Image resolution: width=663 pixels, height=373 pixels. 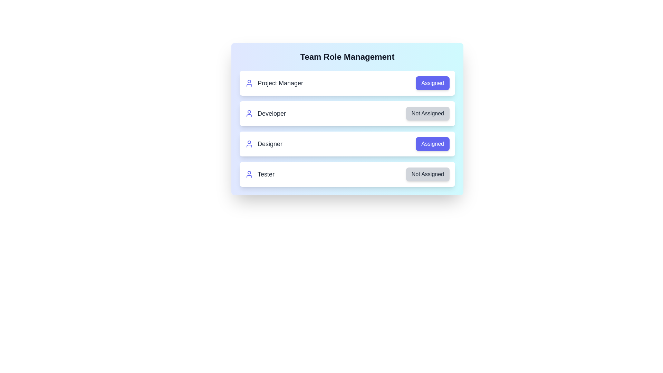 I want to click on the button to toggle the role assignment status for Project Manager, so click(x=432, y=83).